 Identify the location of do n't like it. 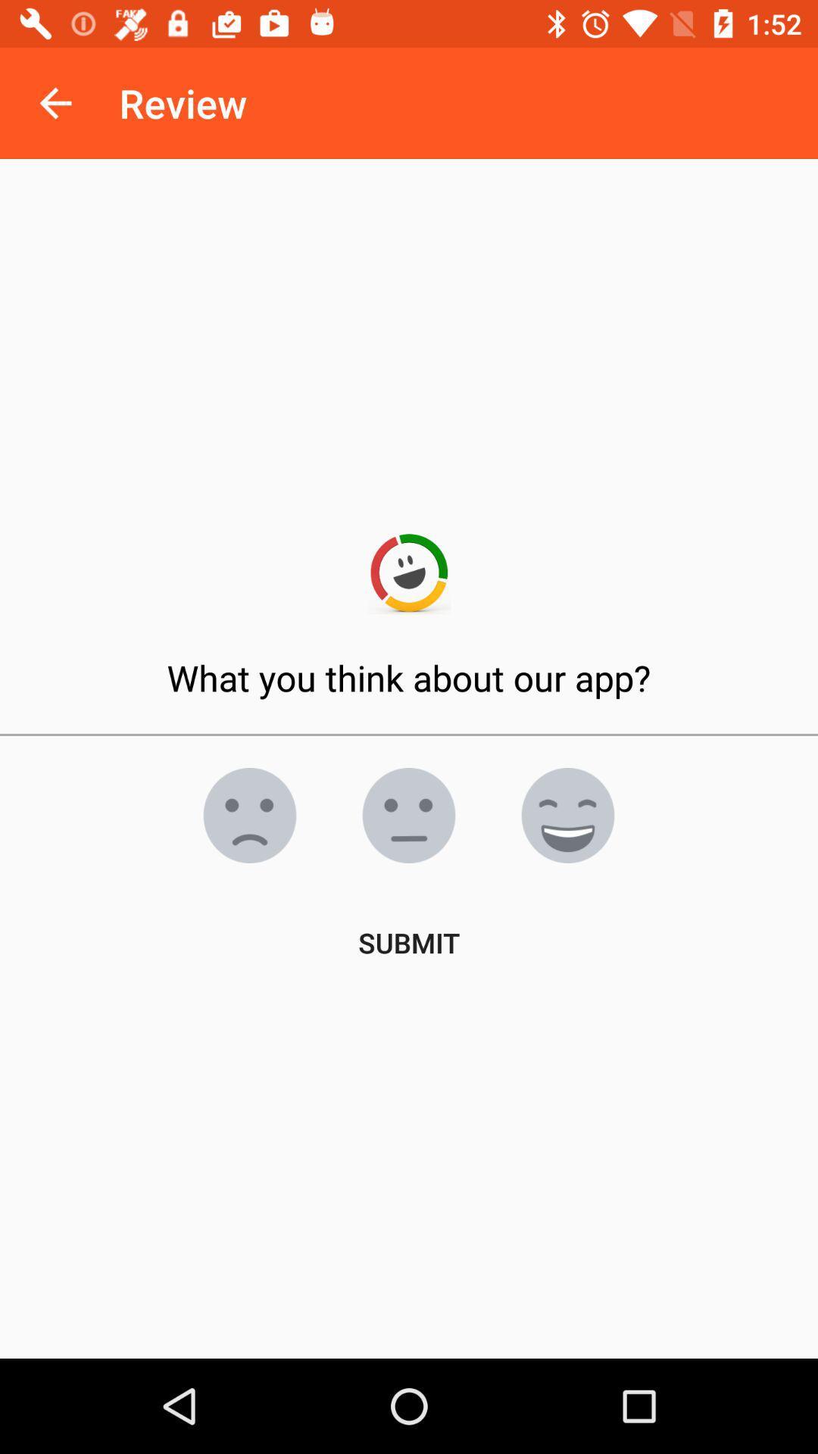
(249, 814).